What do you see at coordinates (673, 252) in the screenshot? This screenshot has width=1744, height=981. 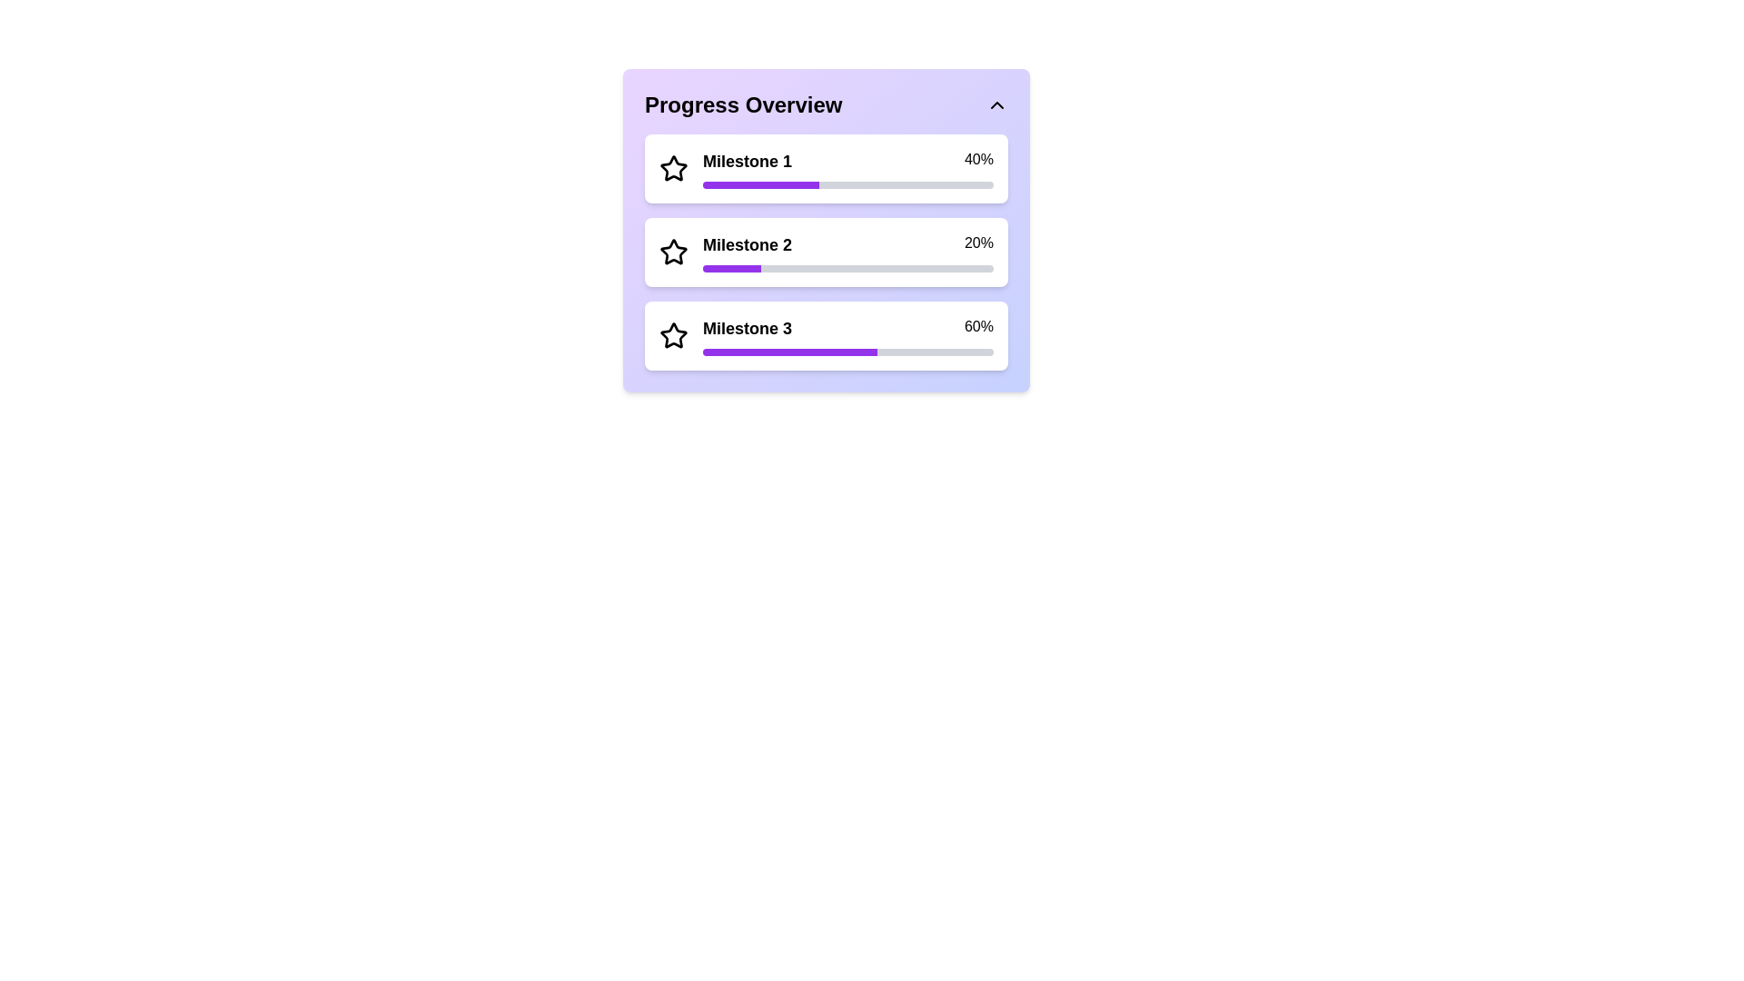 I see `the star icon that indicates the favorite status for Milestone 2` at bounding box center [673, 252].